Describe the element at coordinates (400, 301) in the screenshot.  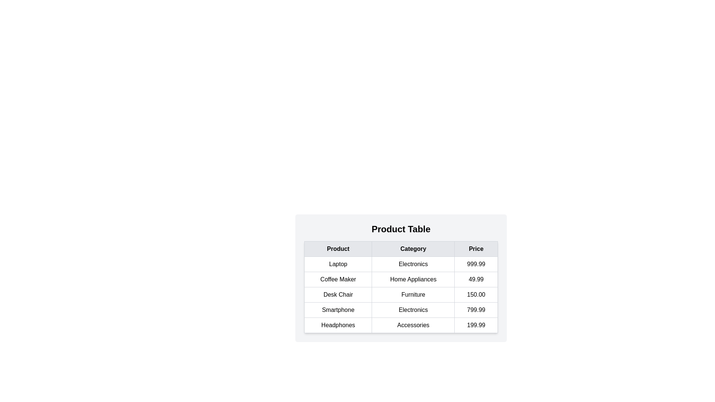
I see `the table cell displaying the category 'Desk Chair' located in the third row under the 'Category' column for potential interactivity` at that location.